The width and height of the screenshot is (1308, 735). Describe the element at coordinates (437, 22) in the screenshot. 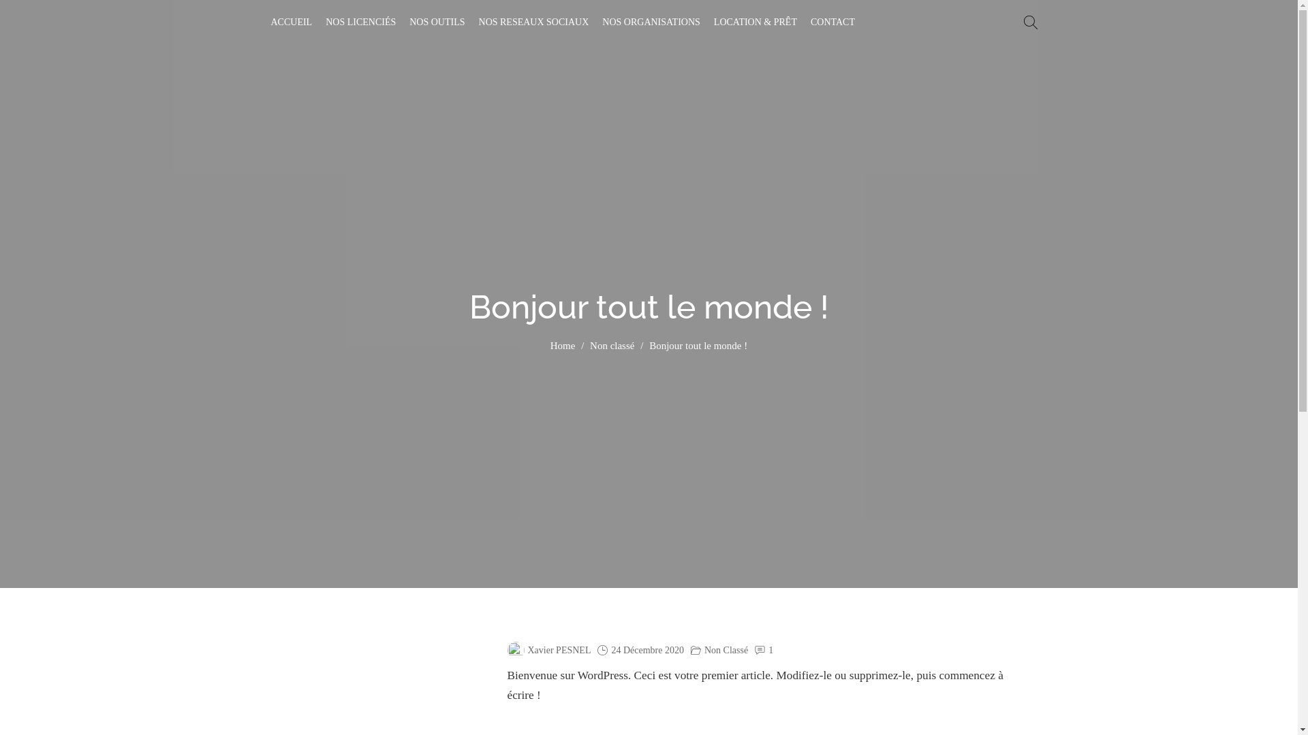

I see `'NOS OUTILS'` at that location.